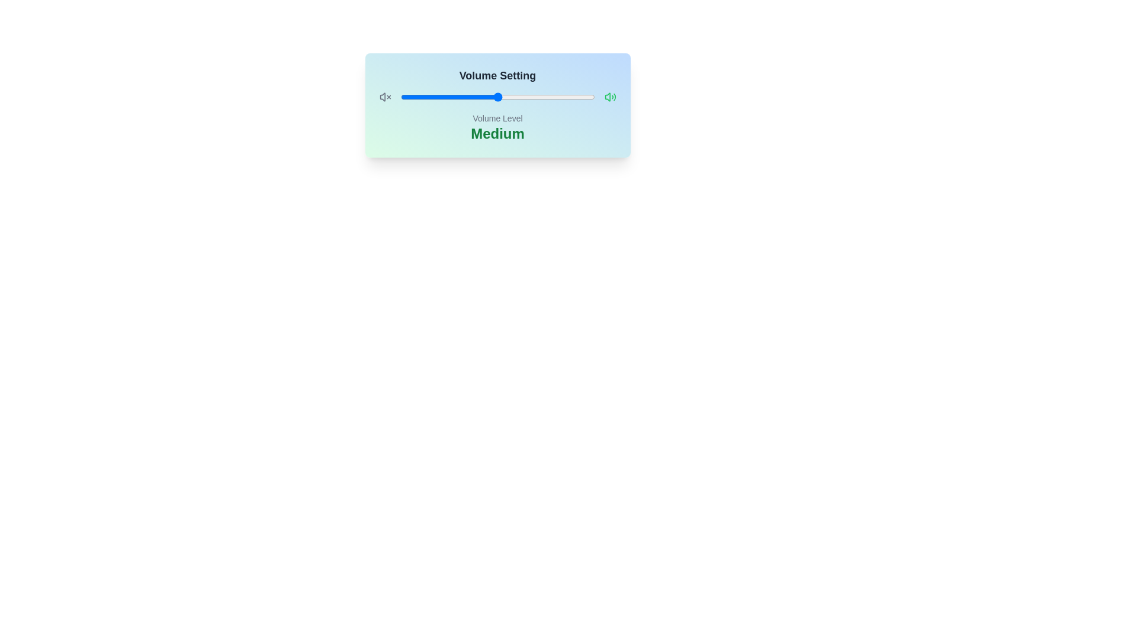 The width and height of the screenshot is (1137, 640). Describe the element at coordinates (431, 97) in the screenshot. I see `the volume slider to 16%` at that location.